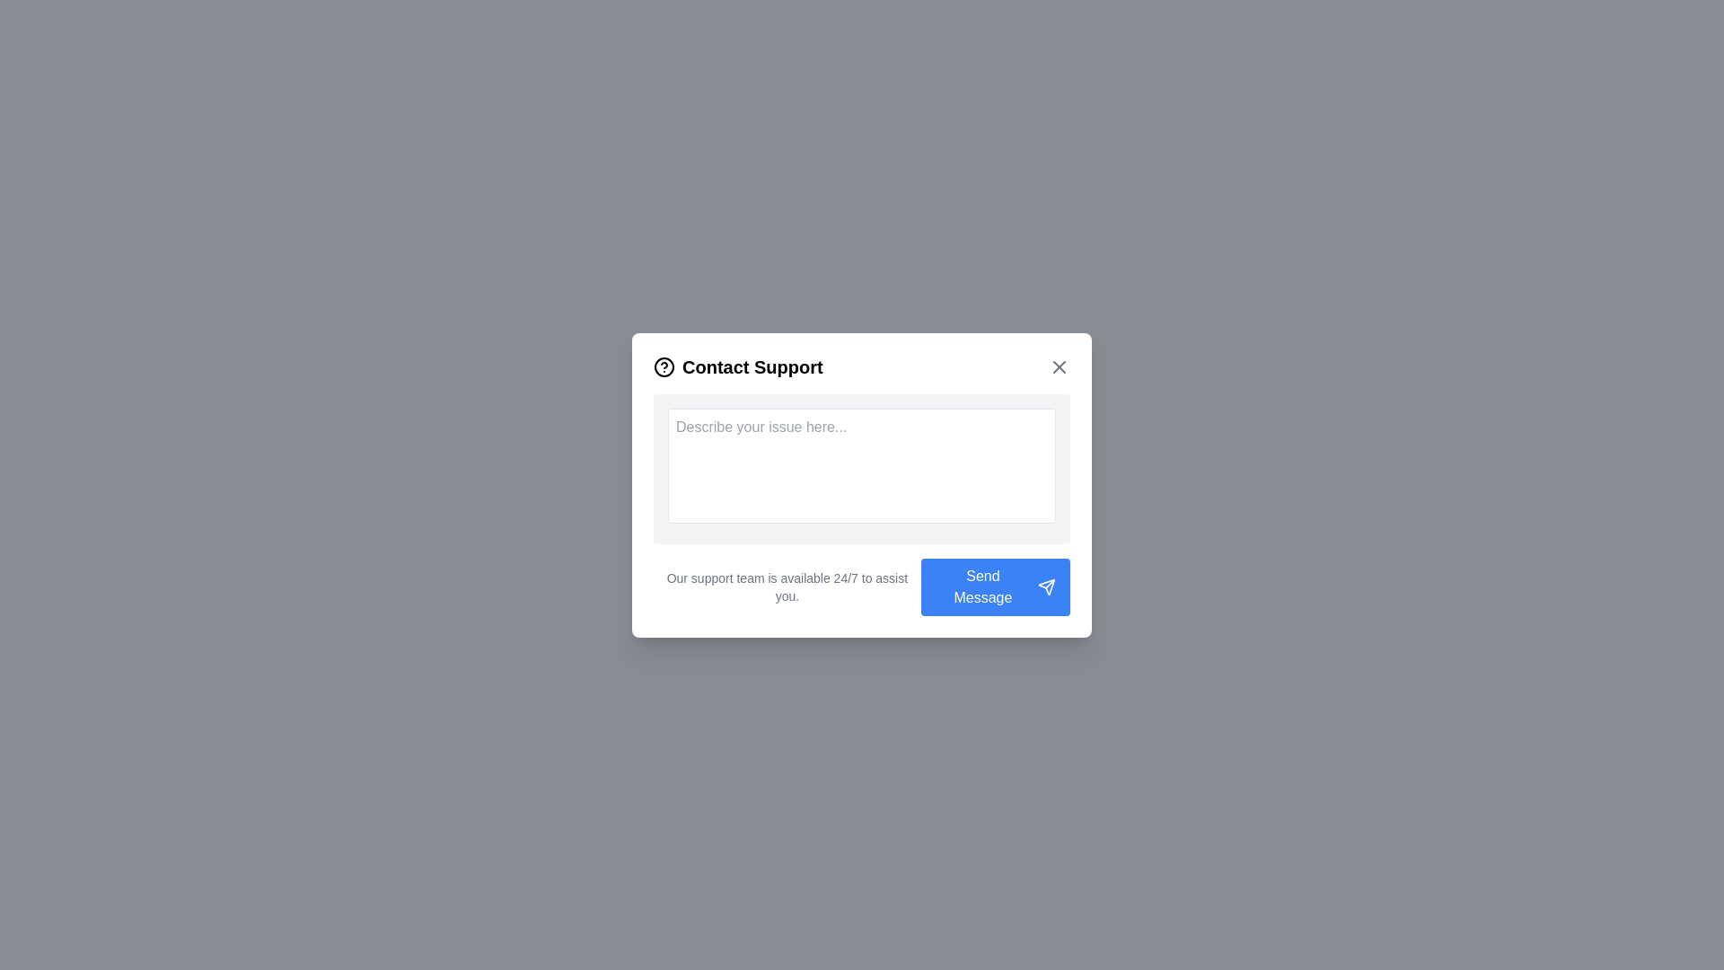 This screenshot has width=1724, height=970. I want to click on the informational text about the 24/7 availability of the support team located to the left of the 'Send Message' button in the bottom-left section of the 'Contact Support' card, so click(862, 586).